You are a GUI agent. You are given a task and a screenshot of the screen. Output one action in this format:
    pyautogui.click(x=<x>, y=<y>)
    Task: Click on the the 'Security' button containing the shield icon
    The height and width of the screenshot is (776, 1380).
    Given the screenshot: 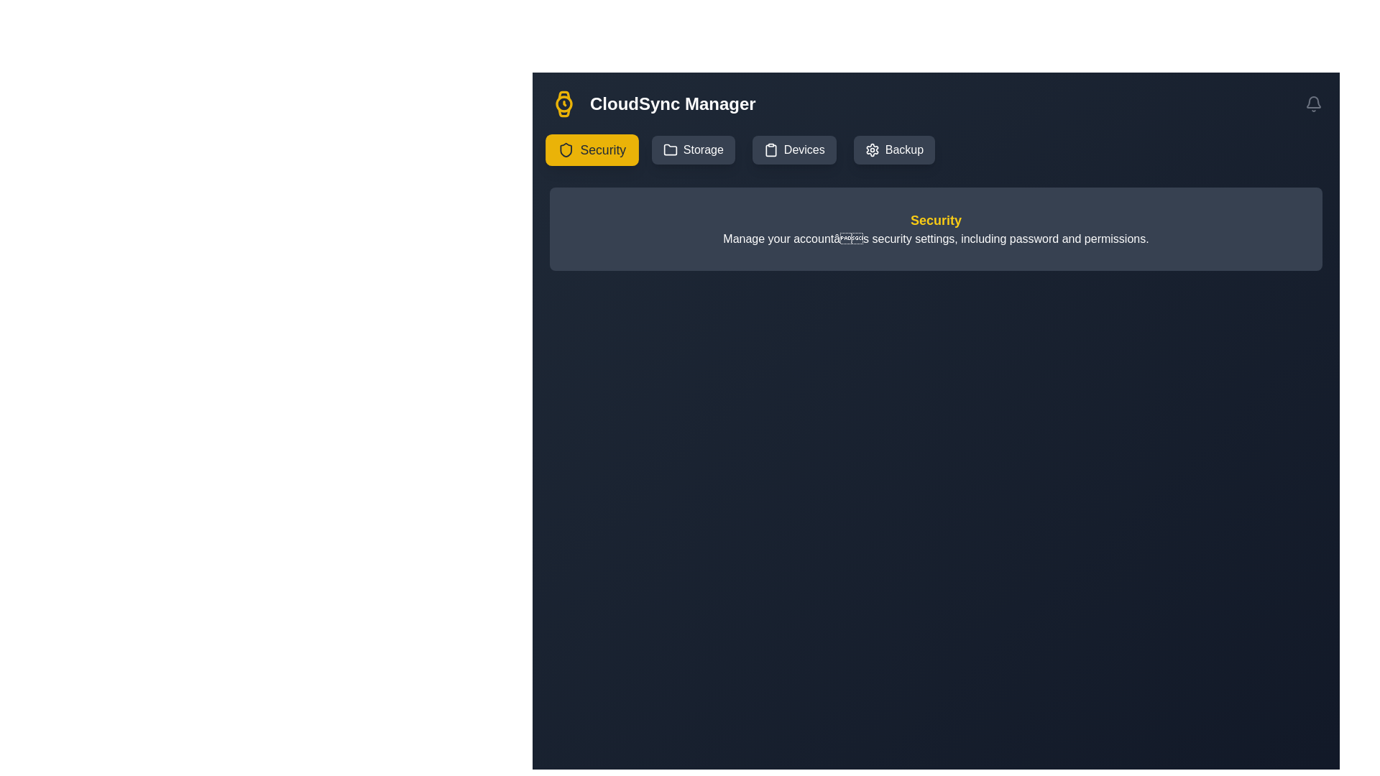 What is the action you would take?
    pyautogui.click(x=565, y=149)
    